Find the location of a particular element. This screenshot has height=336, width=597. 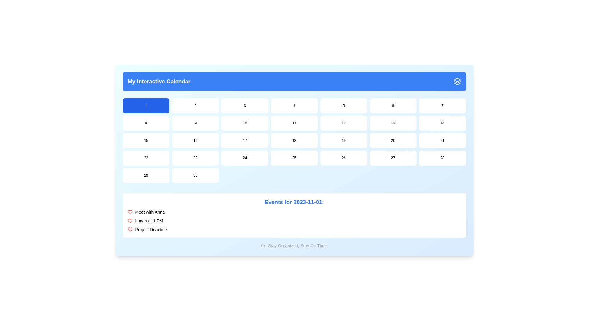

the heart icon that signifies an important calendar event, located to the left of the event description text 'Lunch at 1 PM' is located at coordinates (130, 212).